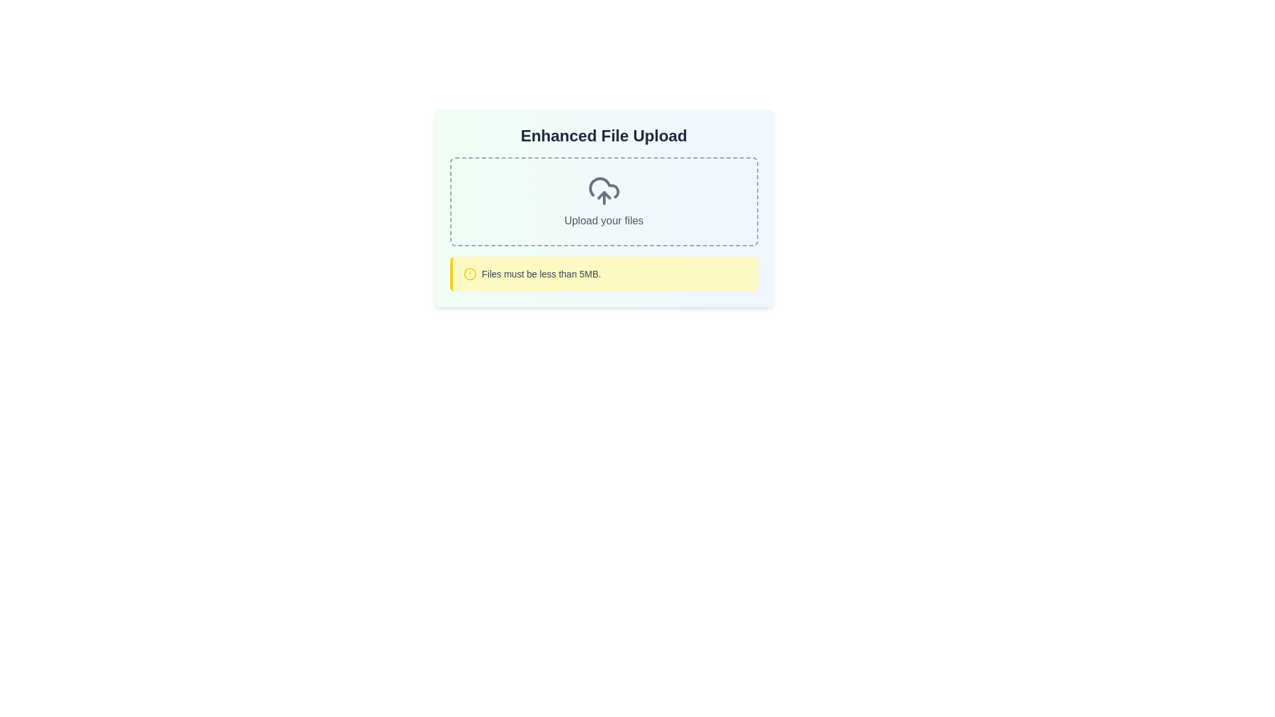 This screenshot has width=1275, height=717. What do you see at coordinates (603, 202) in the screenshot?
I see `the interactive drop area for file uploading, which is outlined with a dashed border and contains a cloud upload icon and the text 'Upload your files'` at bounding box center [603, 202].